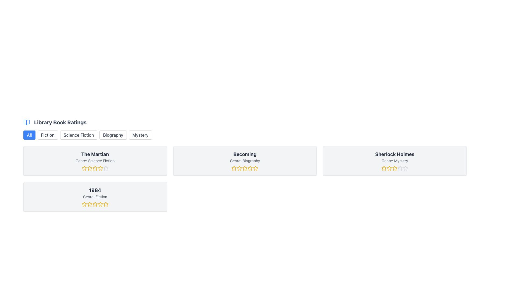  I want to click on the third star in the rating row, so click(95, 168).